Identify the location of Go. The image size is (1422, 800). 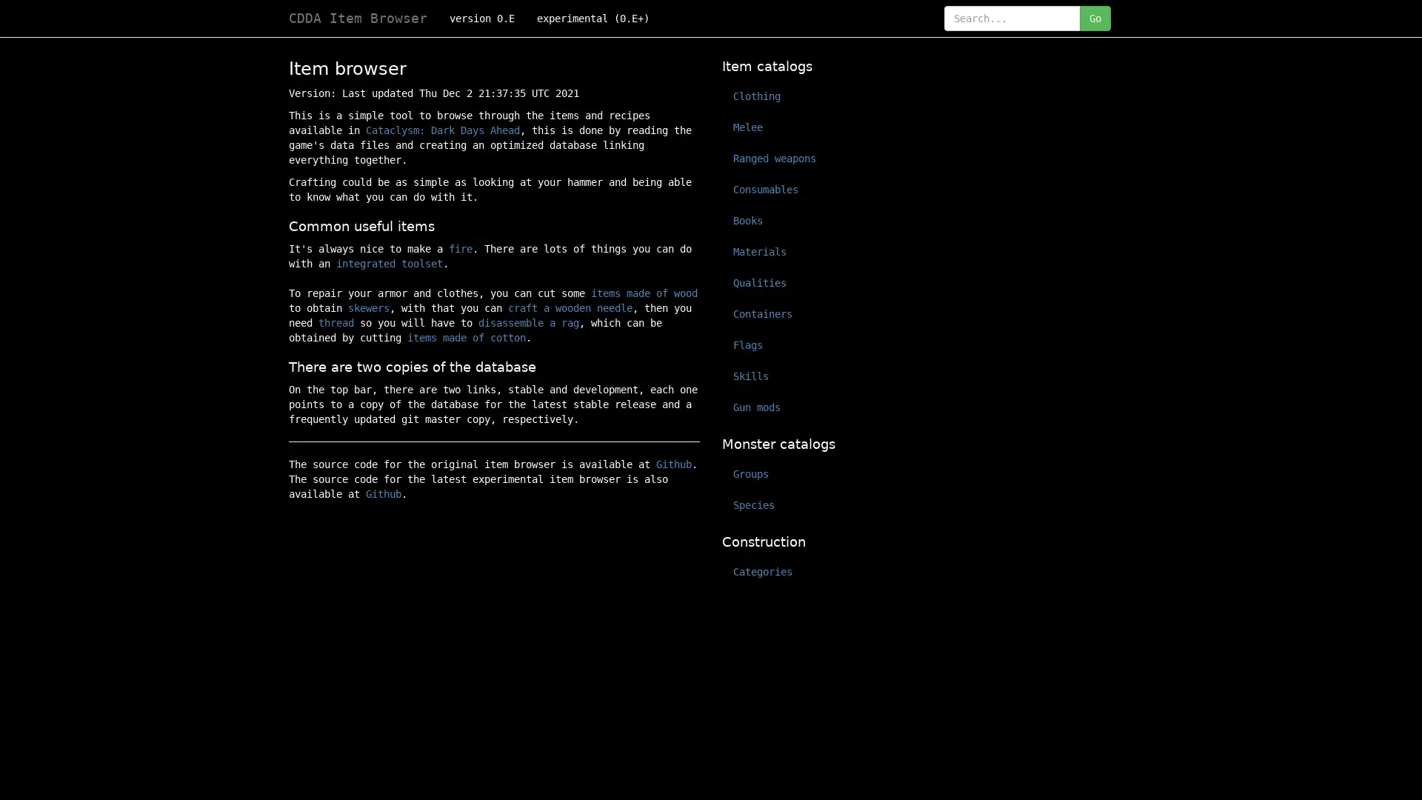
(1095, 18).